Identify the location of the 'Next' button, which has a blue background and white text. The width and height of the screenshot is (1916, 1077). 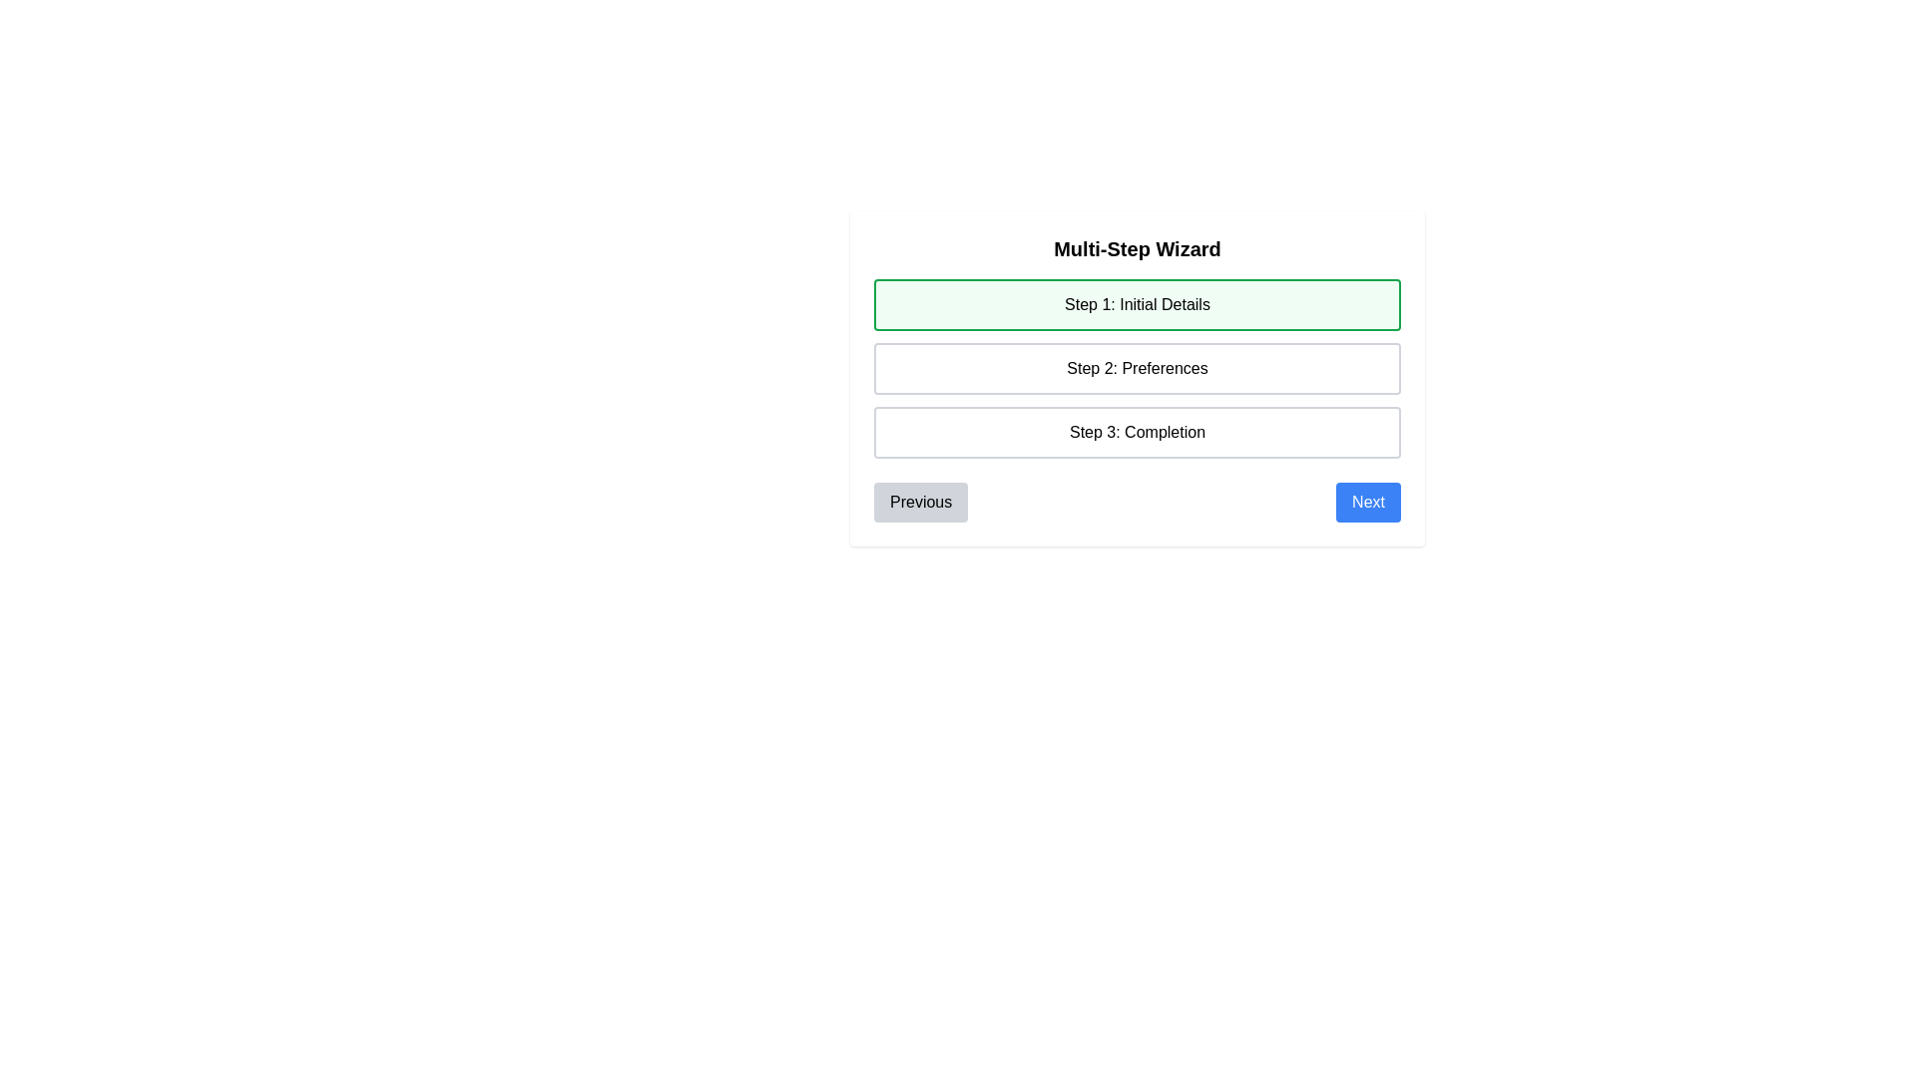
(1367, 502).